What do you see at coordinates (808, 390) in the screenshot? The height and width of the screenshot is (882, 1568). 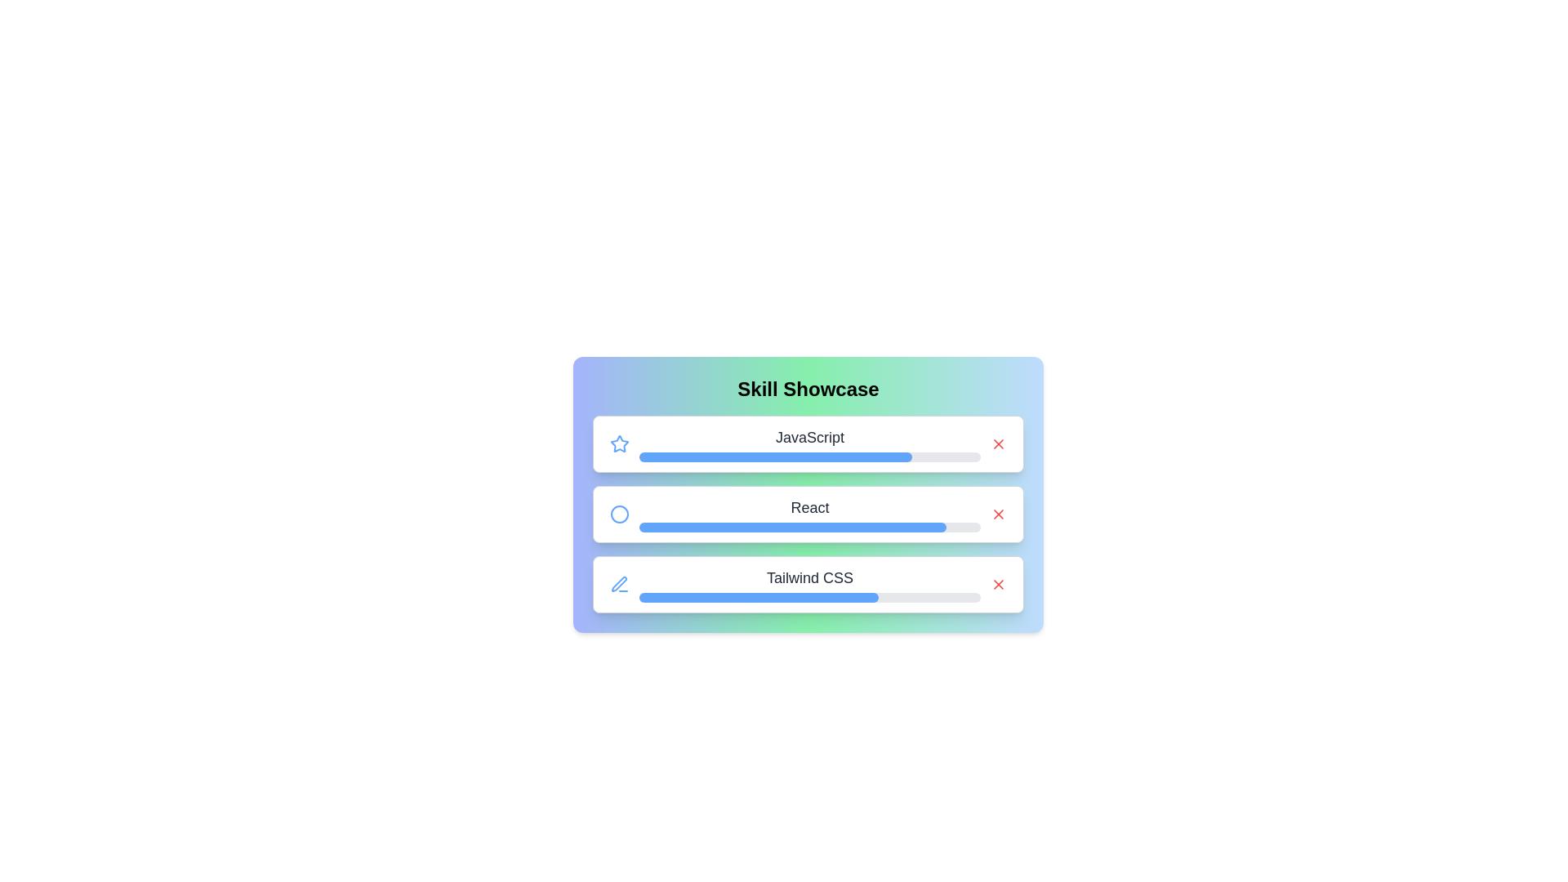 I see `the Skill Showcase title` at bounding box center [808, 390].